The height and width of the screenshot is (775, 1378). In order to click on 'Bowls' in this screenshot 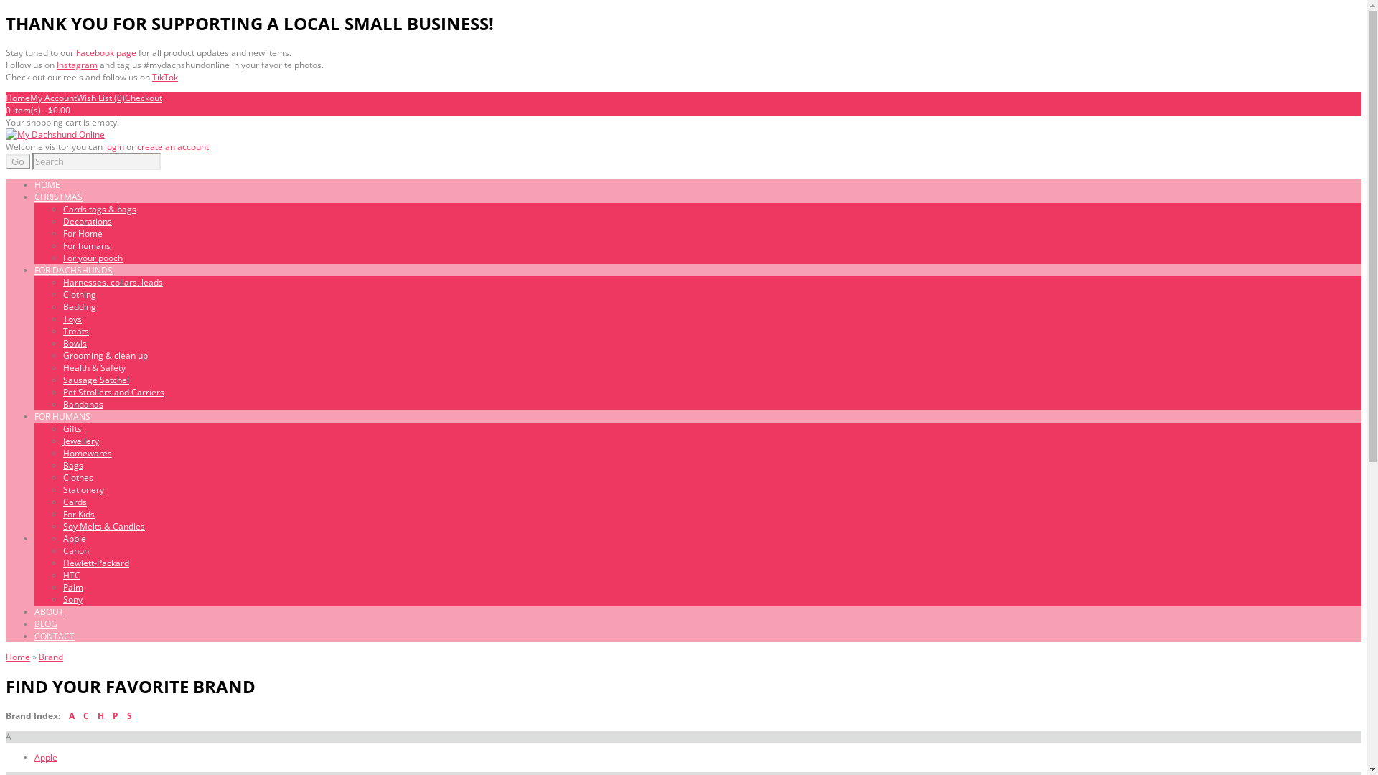, I will do `click(62, 343)`.